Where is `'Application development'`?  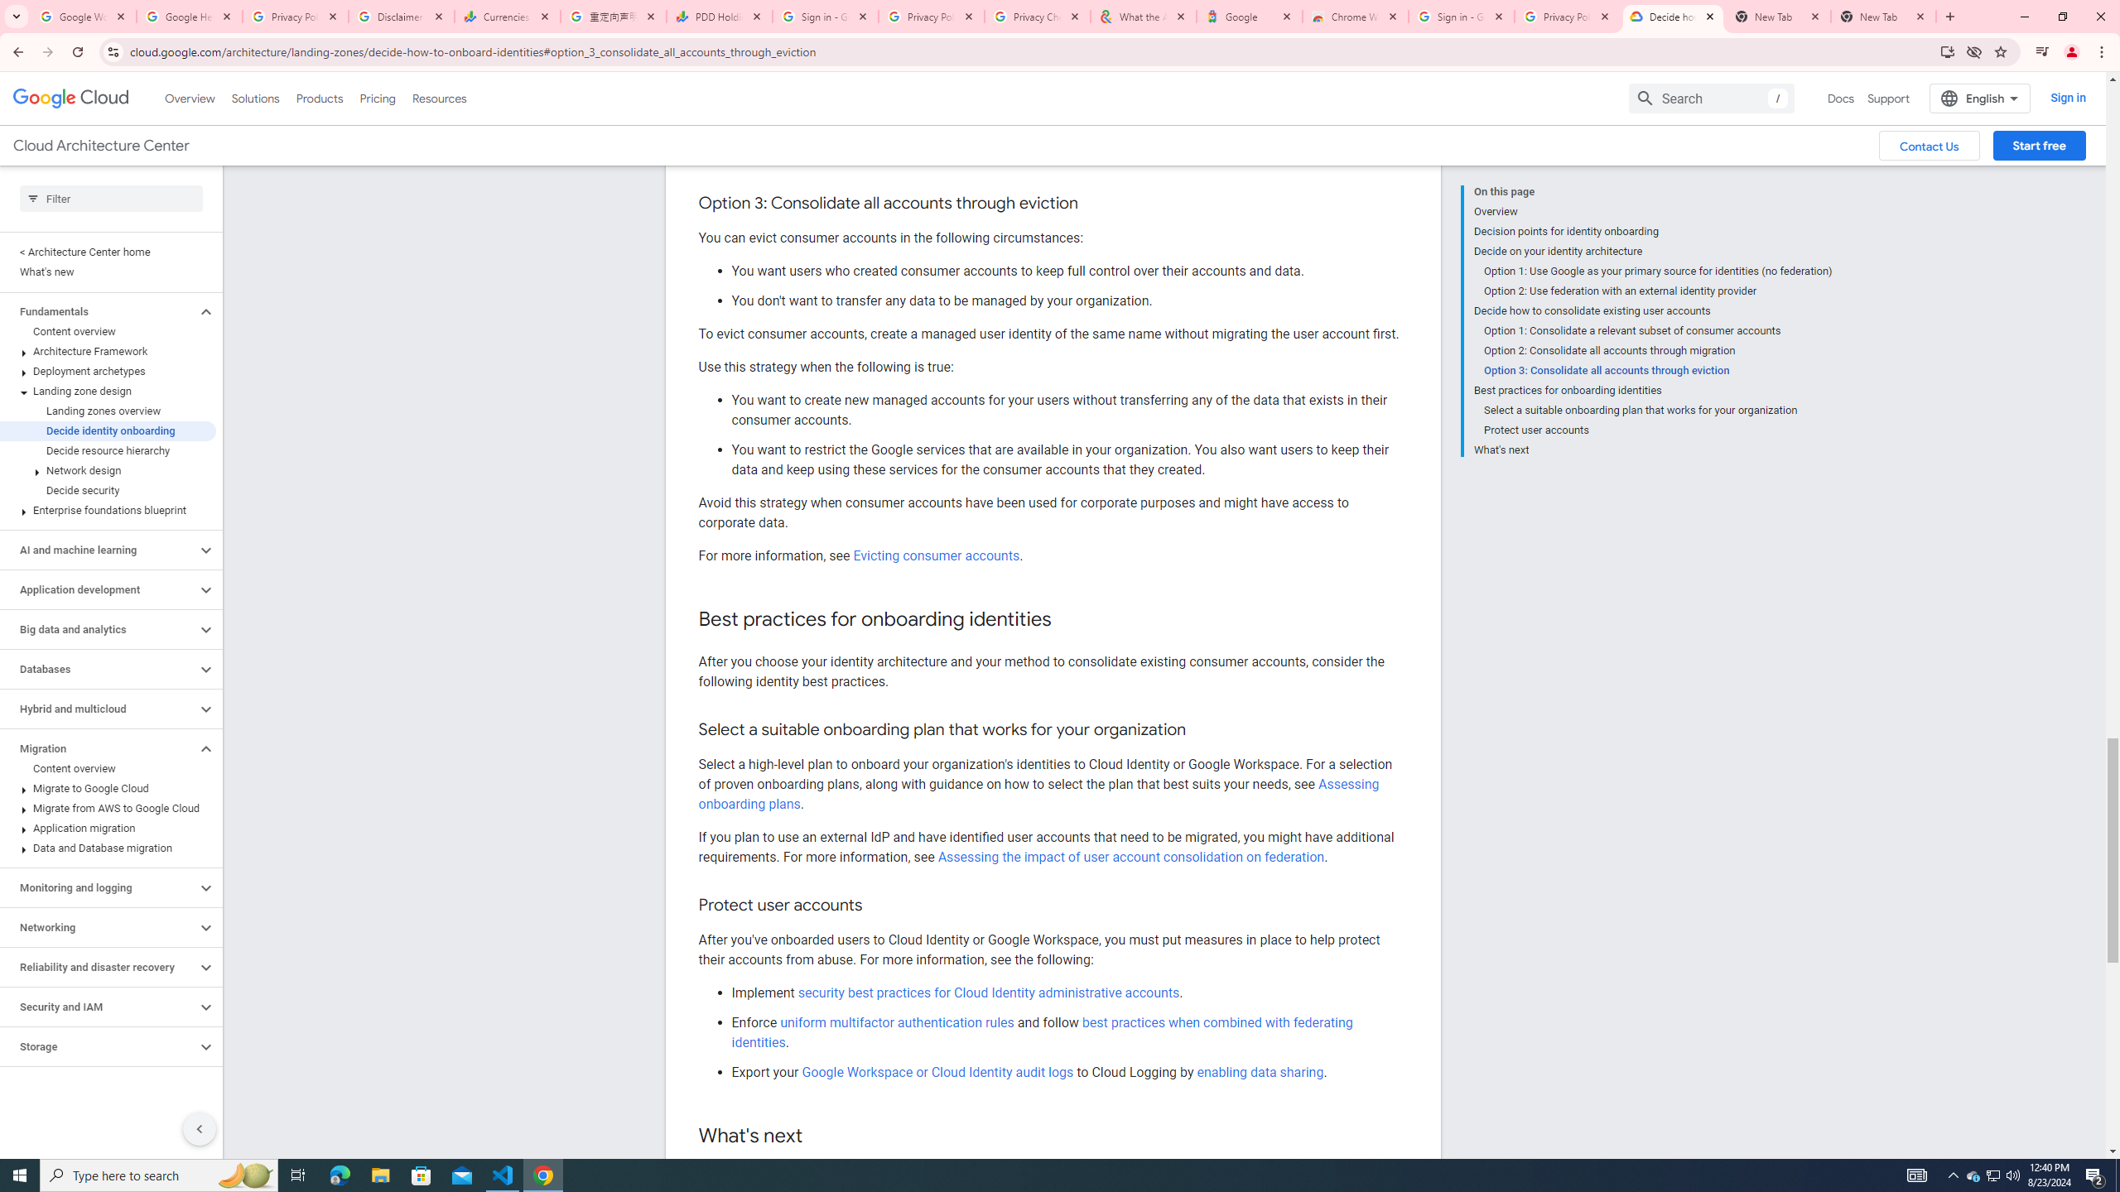 'Application development' is located at coordinates (98, 589).